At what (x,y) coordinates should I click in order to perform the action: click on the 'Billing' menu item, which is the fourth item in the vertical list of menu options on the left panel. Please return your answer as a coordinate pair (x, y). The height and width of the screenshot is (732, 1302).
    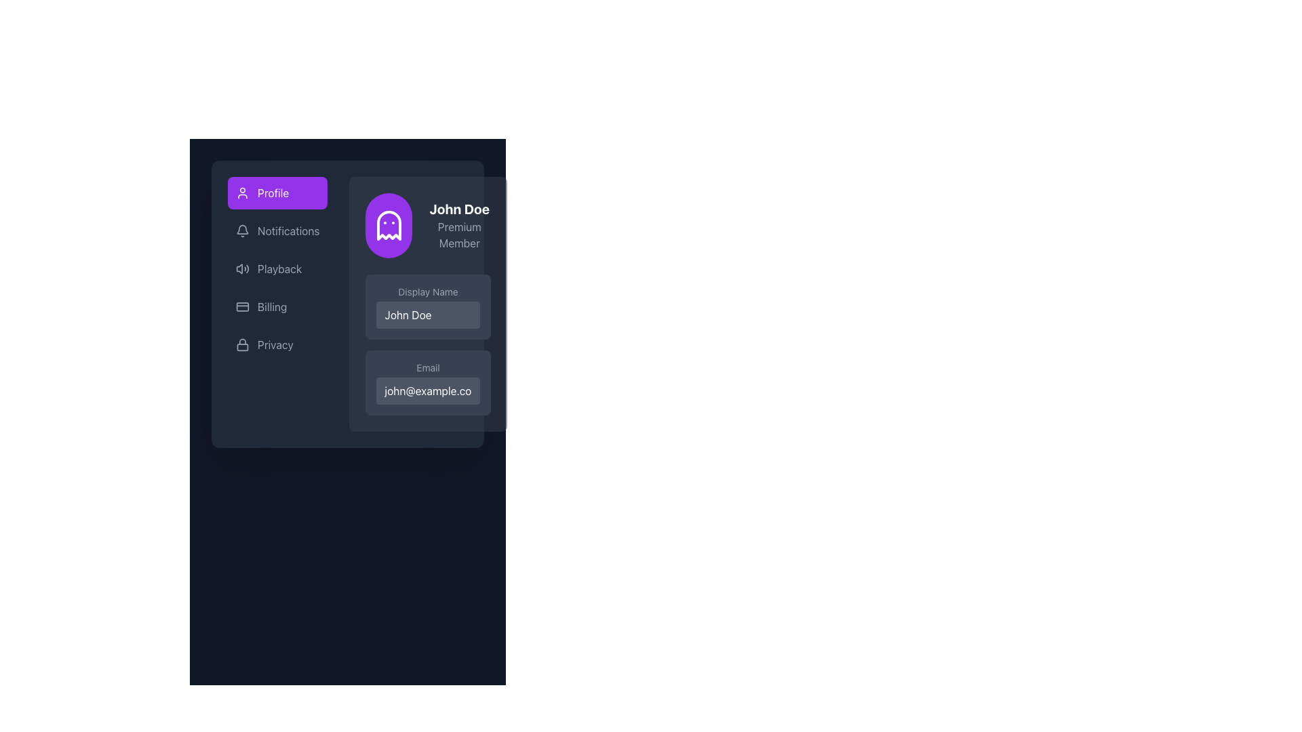
    Looking at the image, I should click on (277, 306).